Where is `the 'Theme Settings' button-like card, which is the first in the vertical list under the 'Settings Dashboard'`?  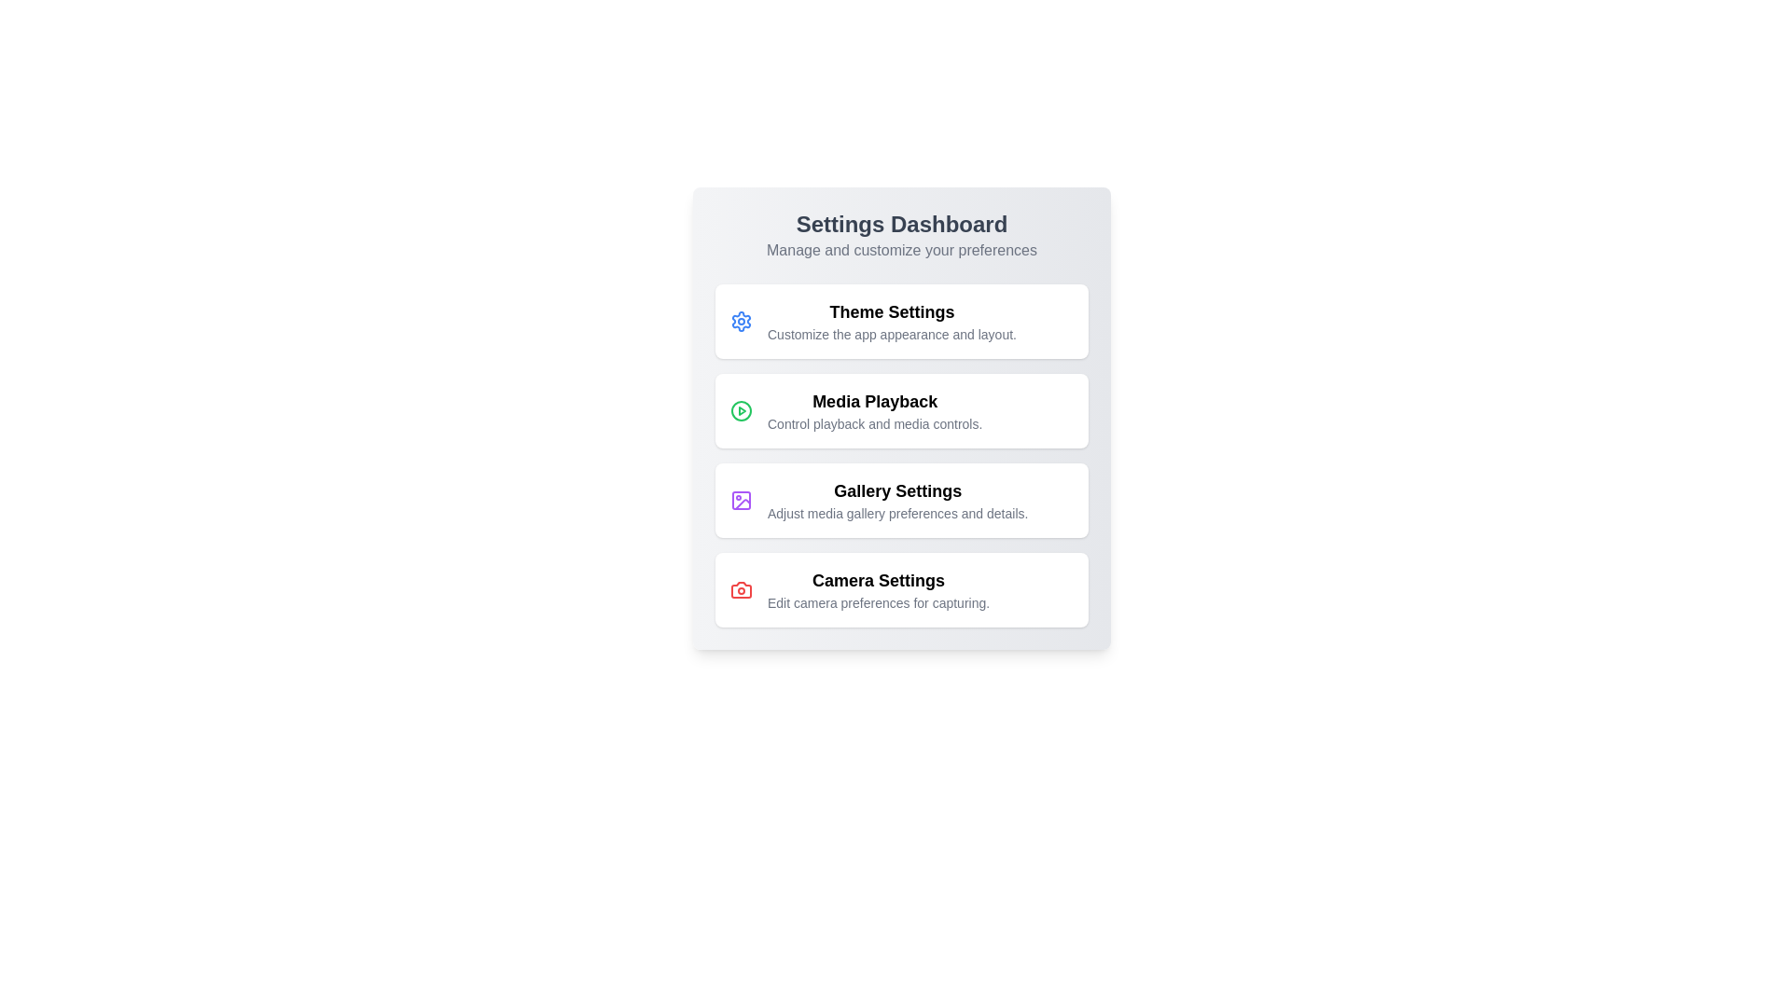 the 'Theme Settings' button-like card, which is the first in the vertical list under the 'Settings Dashboard' is located at coordinates (901, 320).